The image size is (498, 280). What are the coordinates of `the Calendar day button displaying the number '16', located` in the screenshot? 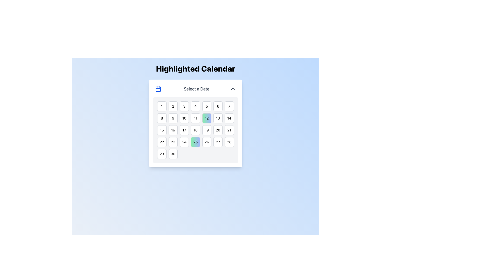 It's located at (173, 130).